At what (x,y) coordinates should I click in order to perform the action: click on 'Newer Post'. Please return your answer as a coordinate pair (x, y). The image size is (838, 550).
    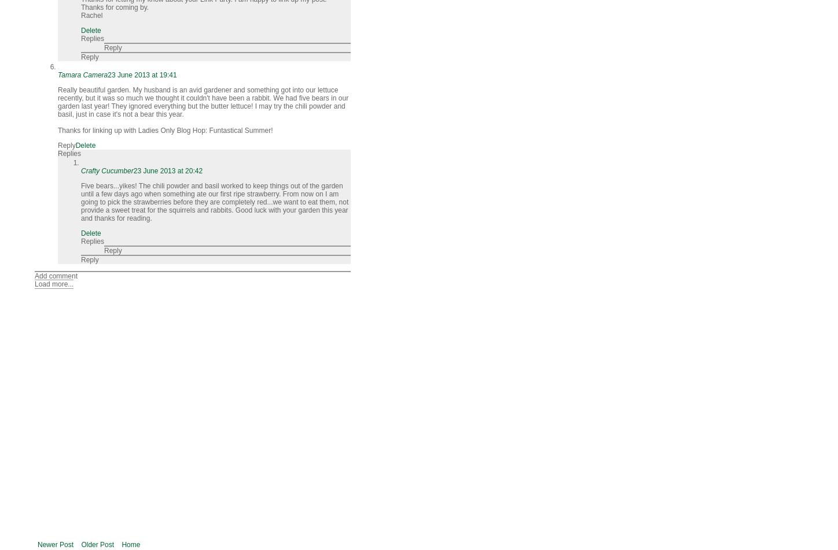
    Looking at the image, I should click on (38, 544).